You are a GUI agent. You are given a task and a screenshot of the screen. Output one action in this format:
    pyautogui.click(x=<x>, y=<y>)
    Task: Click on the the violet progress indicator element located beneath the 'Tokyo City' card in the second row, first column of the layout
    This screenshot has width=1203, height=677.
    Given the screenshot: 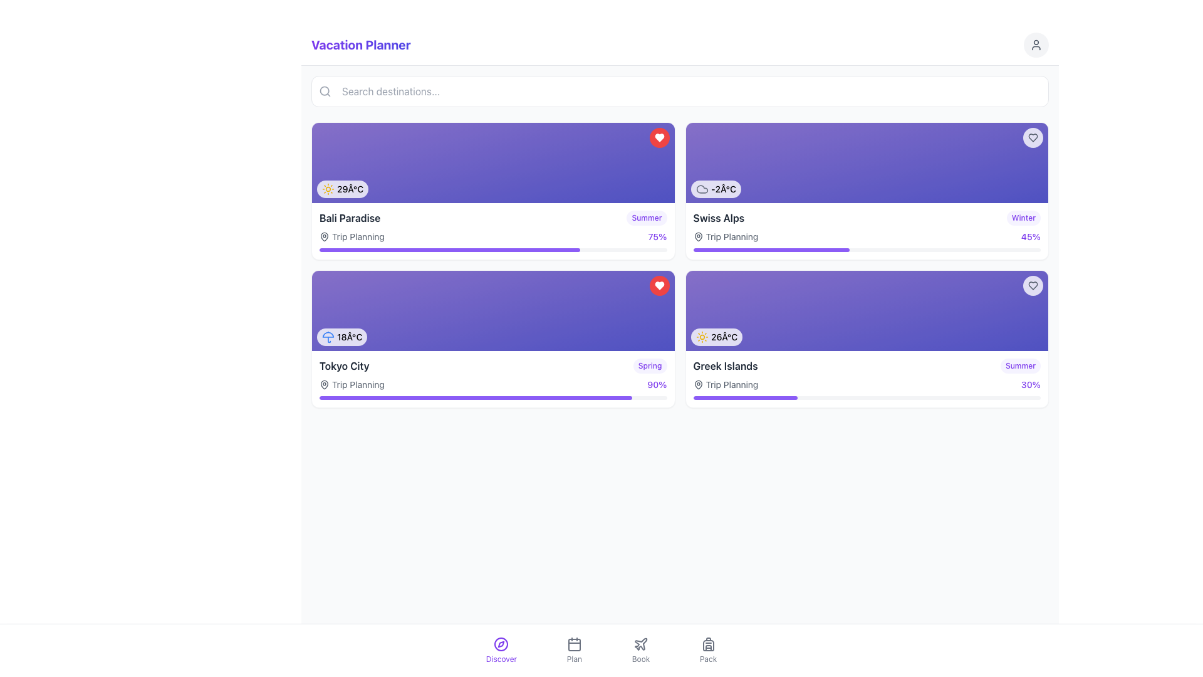 What is the action you would take?
    pyautogui.click(x=475, y=398)
    